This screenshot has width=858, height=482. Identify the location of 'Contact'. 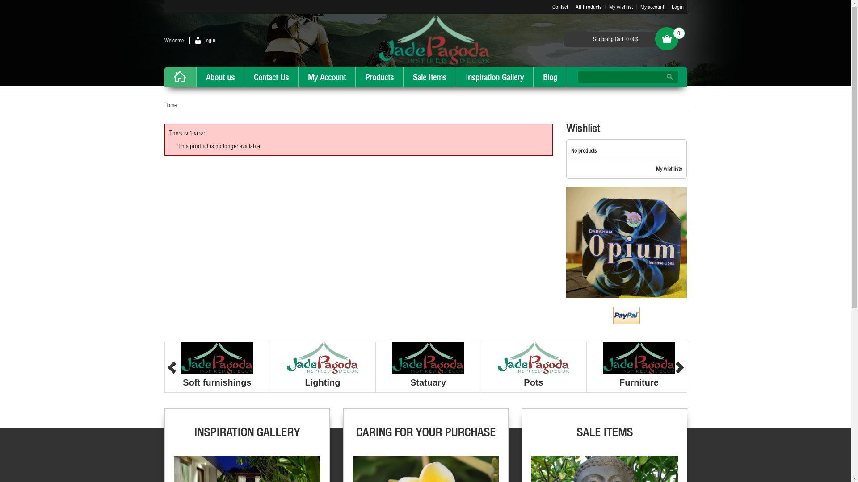
(559, 7).